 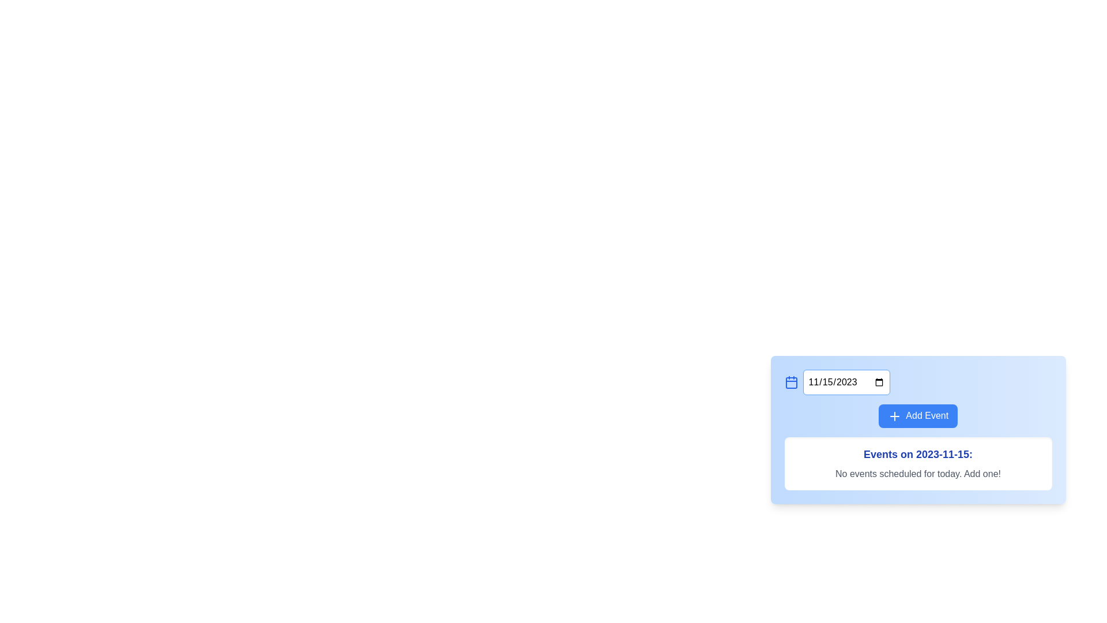 What do you see at coordinates (894, 416) in the screenshot?
I see `the cross-shaped icon indicating 'add' functionality, which is centrally positioned within the blue rectangular button labeled 'Add Event.'` at bounding box center [894, 416].